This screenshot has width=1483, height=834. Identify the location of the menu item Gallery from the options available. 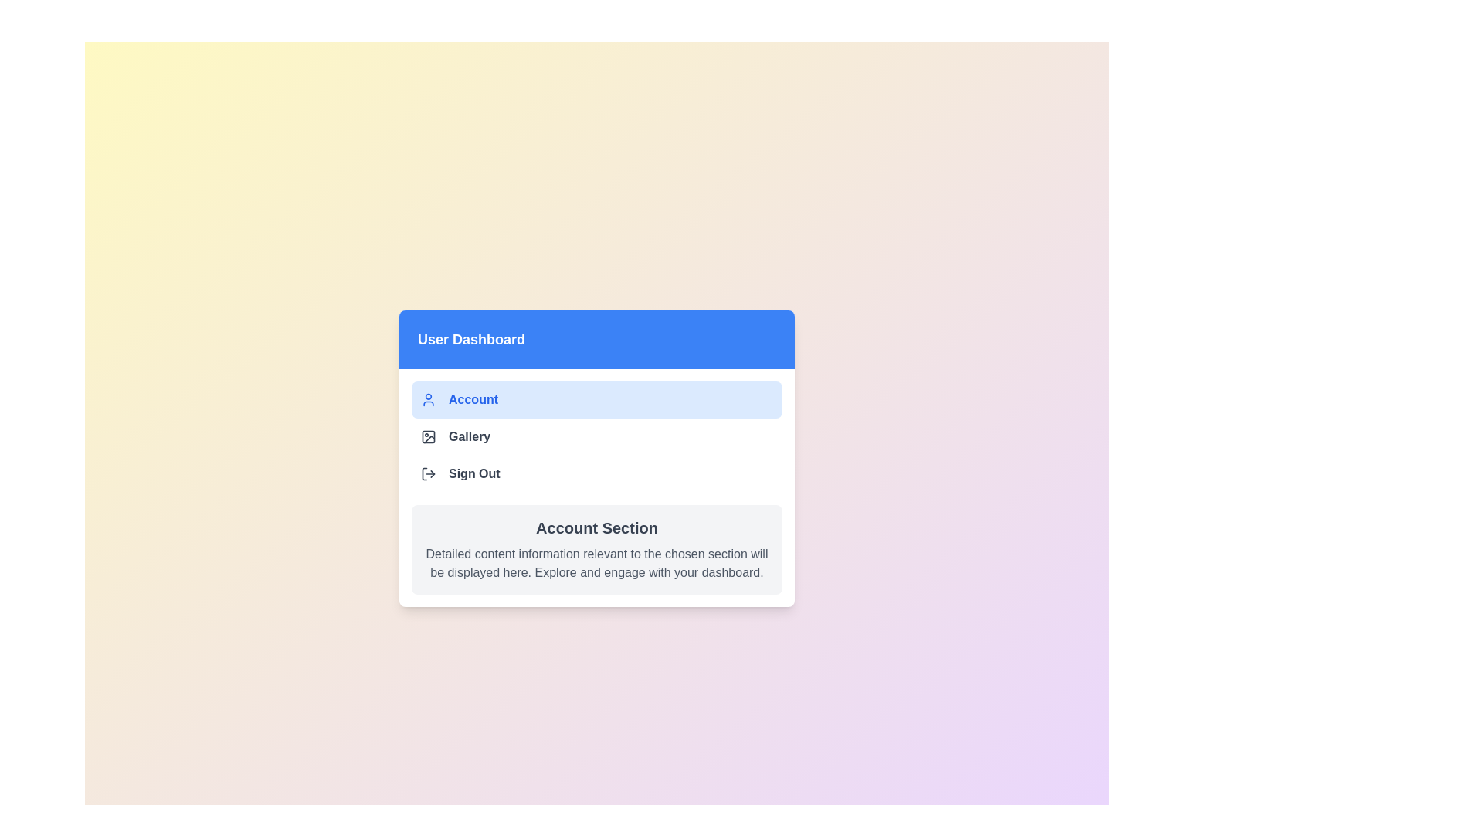
(596, 437).